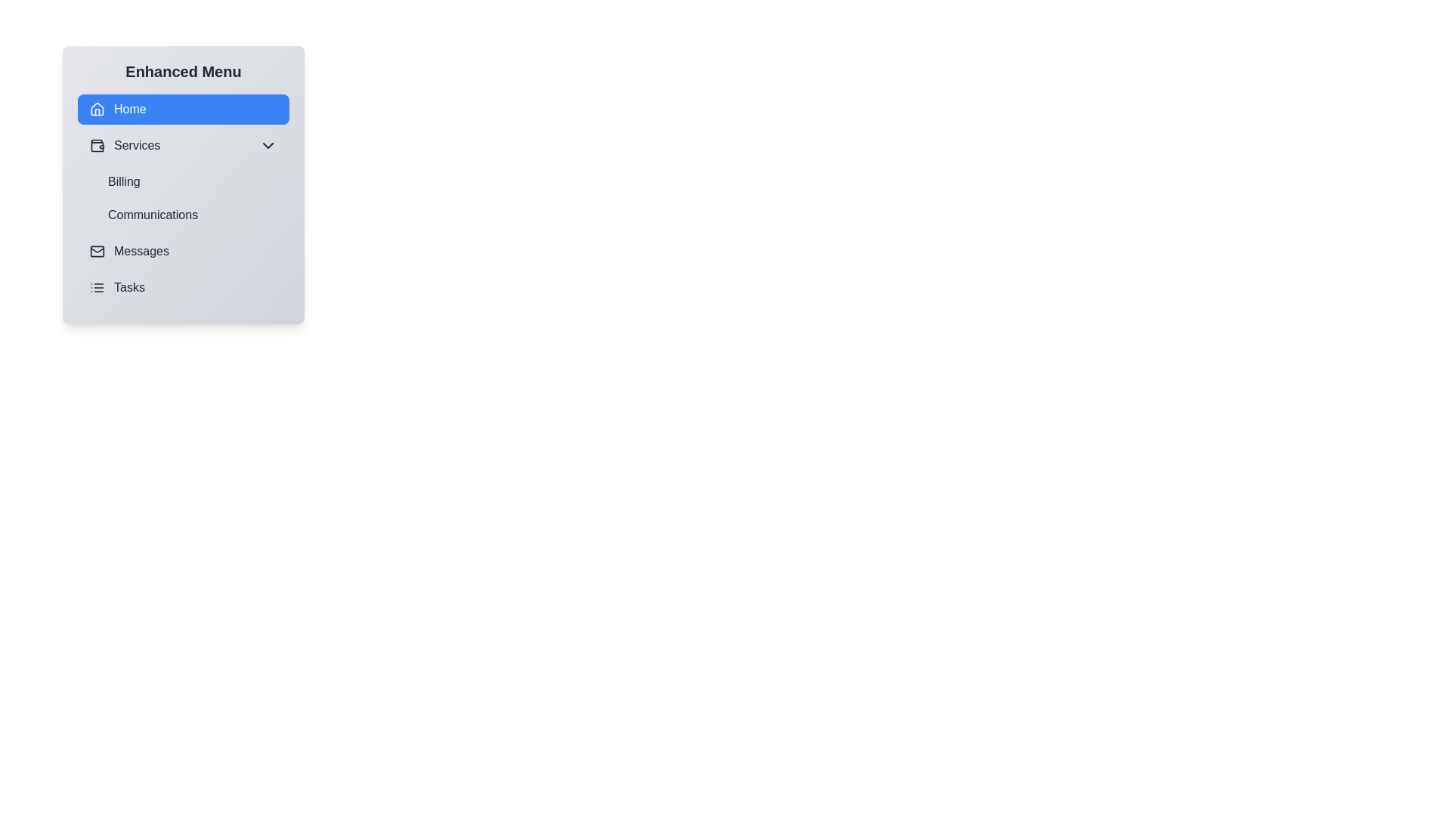 This screenshot has height=816, width=1451. Describe the element at coordinates (125, 145) in the screenshot. I see `the 'Services' text label in the menu, which is the second entry below 'Home'` at that location.